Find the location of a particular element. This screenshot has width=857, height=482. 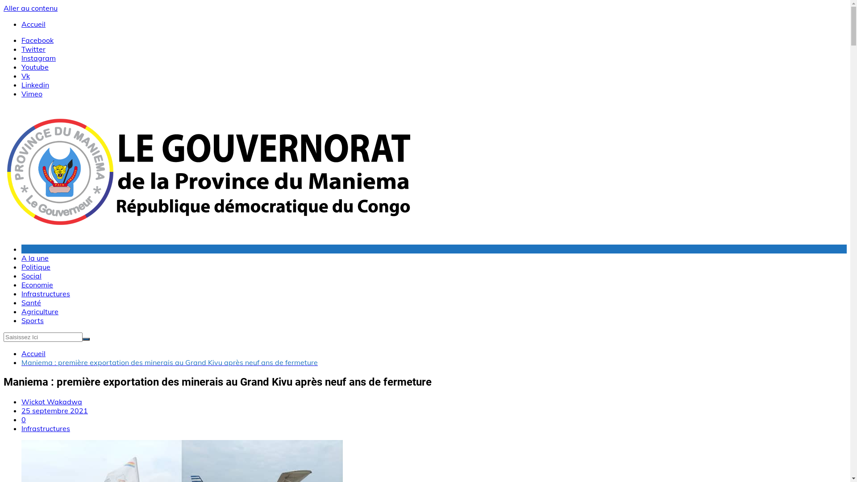

'Wickot Wakadwa' is located at coordinates (51, 401).